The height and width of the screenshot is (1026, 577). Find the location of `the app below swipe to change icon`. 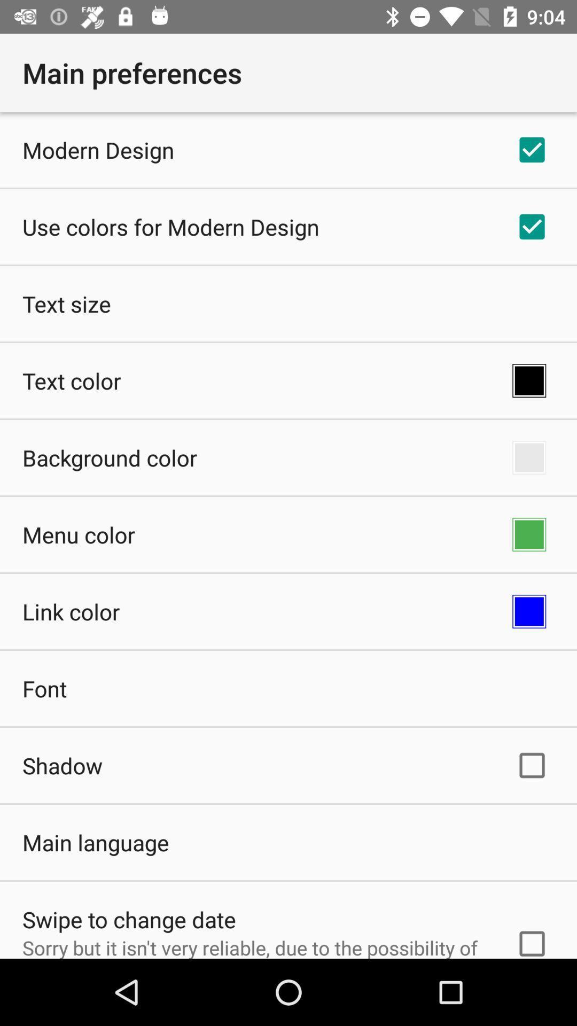

the app below swipe to change icon is located at coordinates (255, 946).